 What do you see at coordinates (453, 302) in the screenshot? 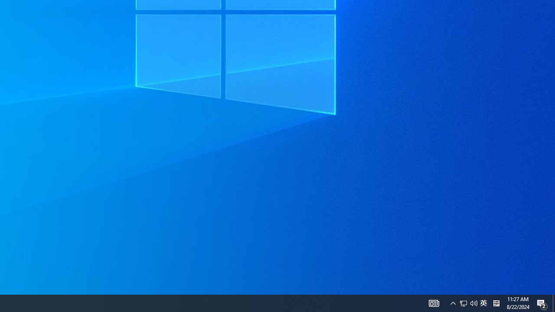
I see `'Notification Chevron'` at bounding box center [453, 302].